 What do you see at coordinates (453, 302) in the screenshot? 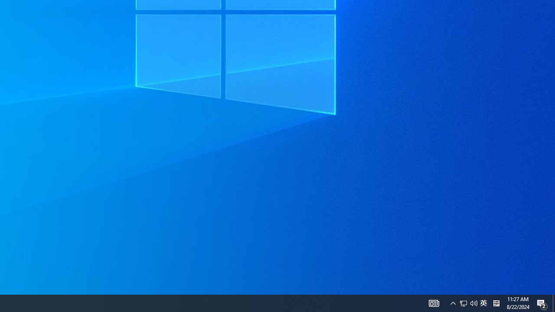
I see `'Notification Chevron'` at bounding box center [453, 302].